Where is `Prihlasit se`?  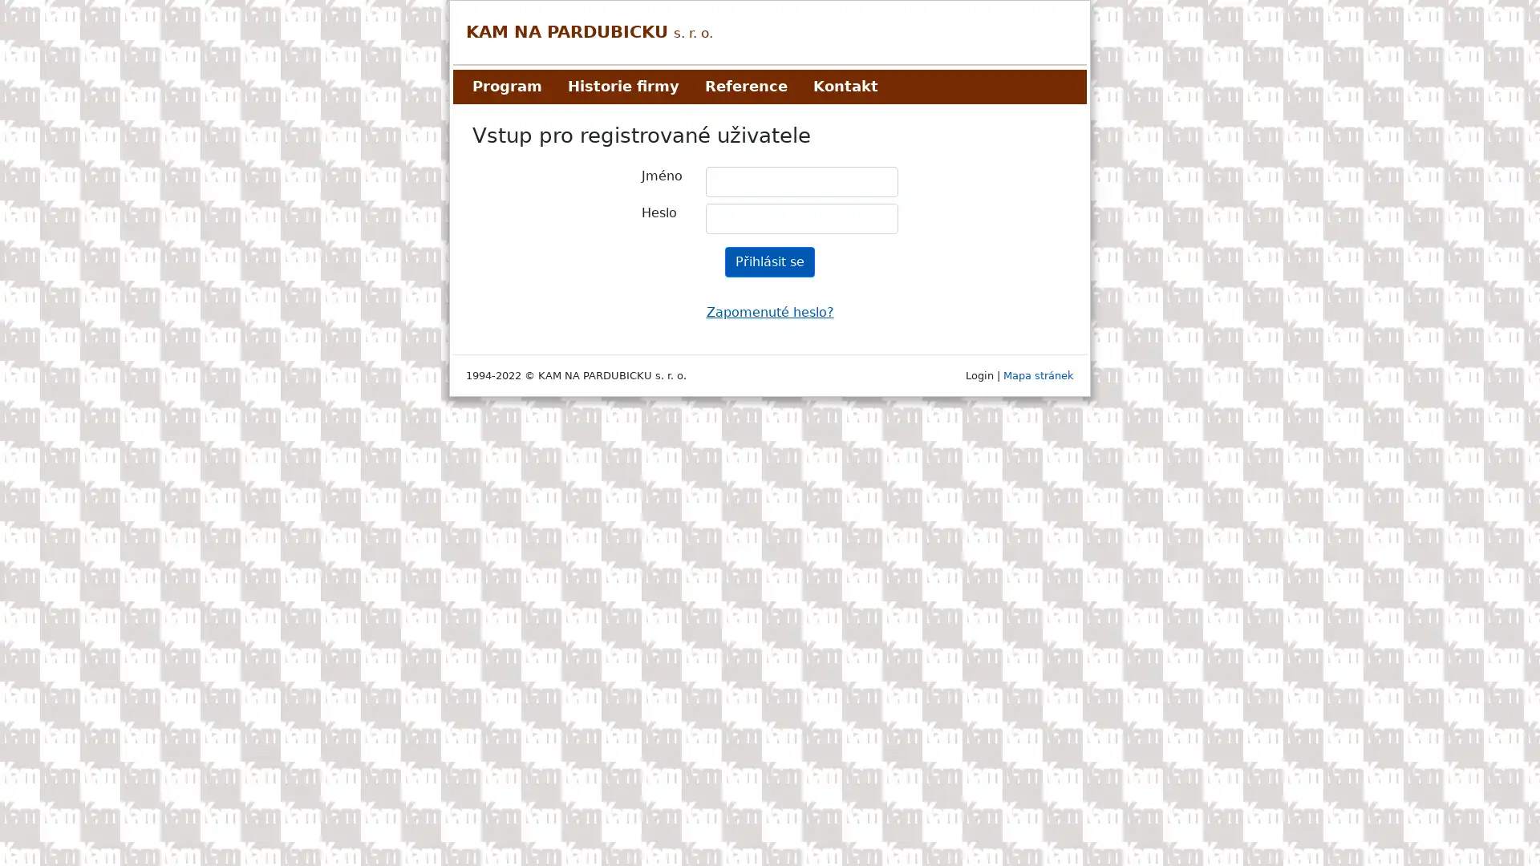
Prihlasit se is located at coordinates (770, 261).